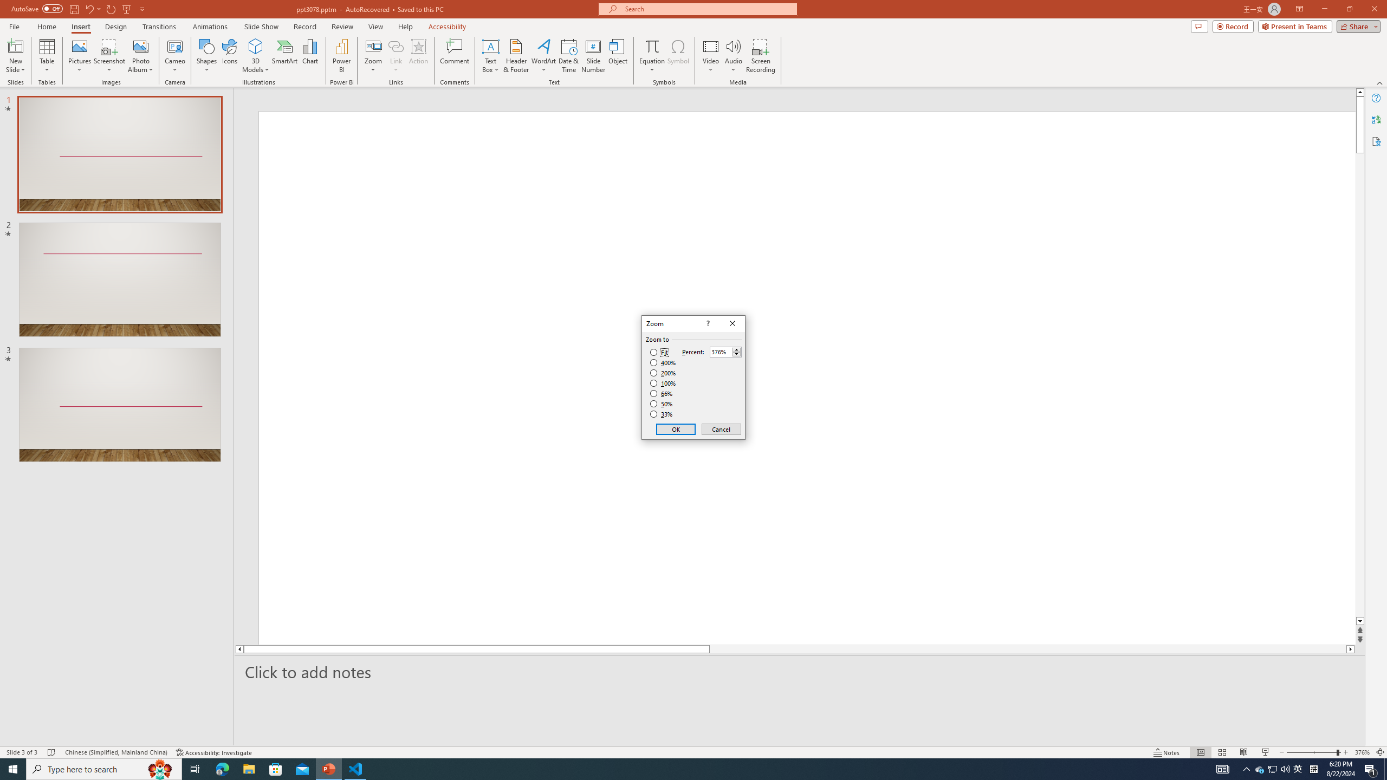  I want to click on 'Tray Input Indicator - Chinese (Simplified, China)', so click(1313, 768).